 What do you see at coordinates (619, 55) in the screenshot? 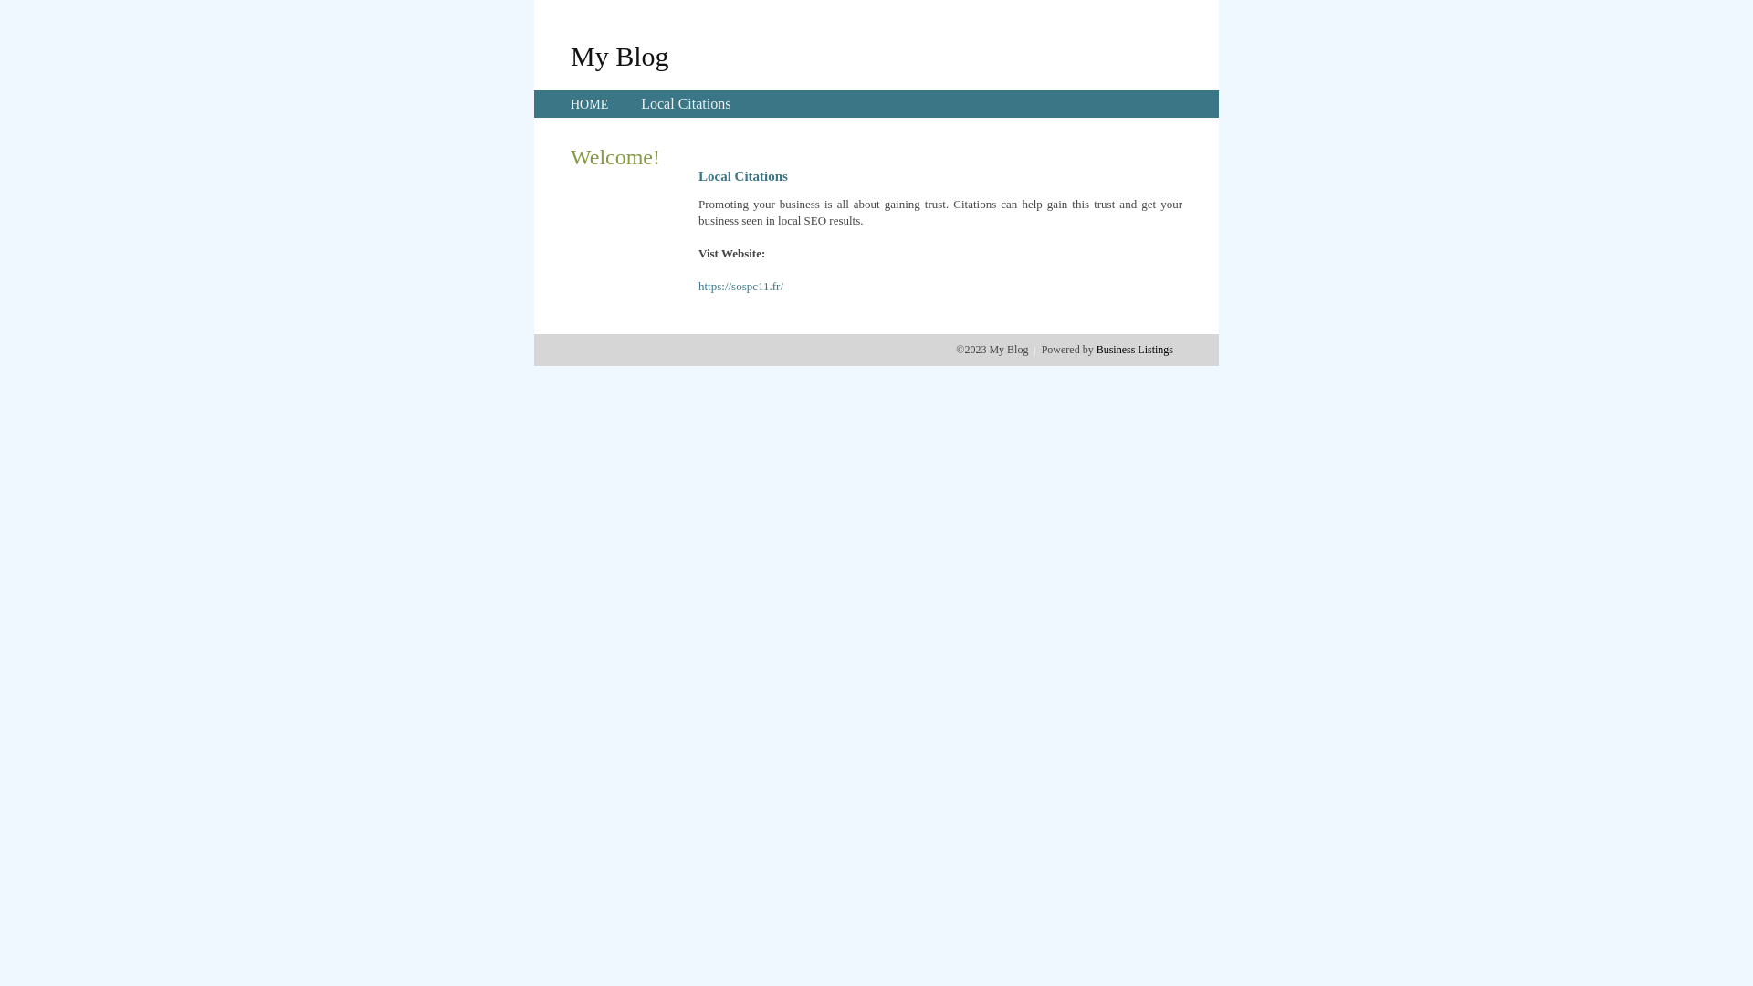
I see `'My Blog'` at bounding box center [619, 55].